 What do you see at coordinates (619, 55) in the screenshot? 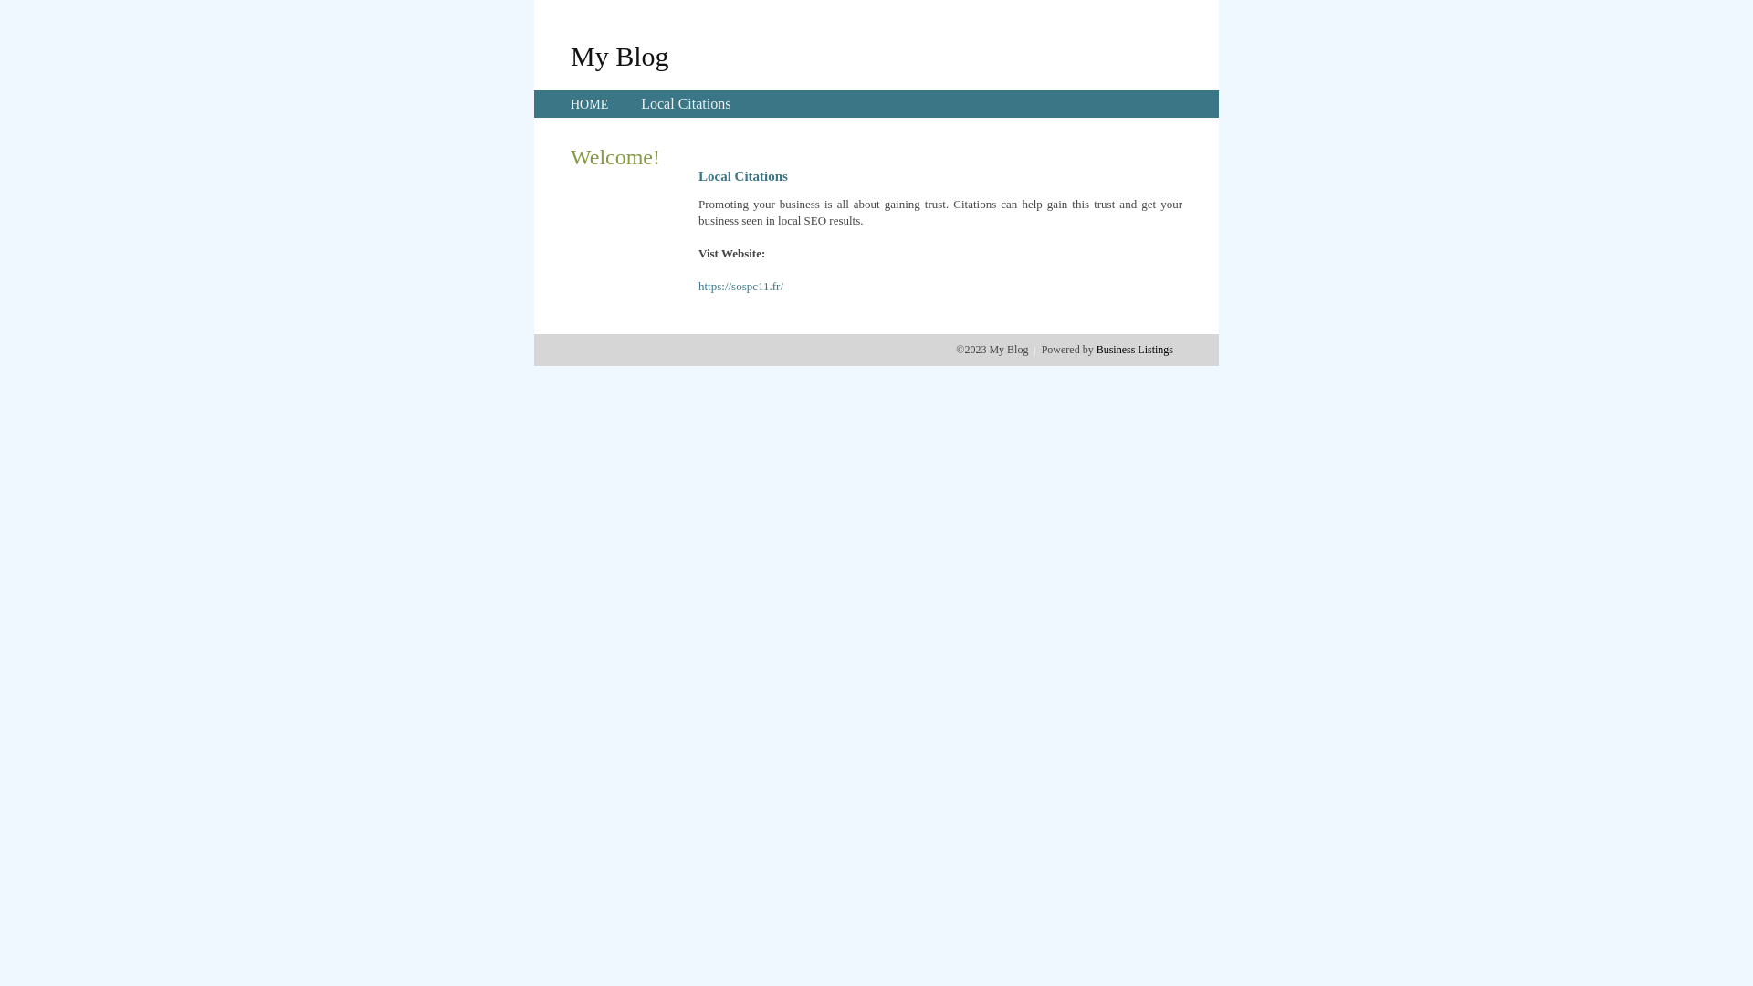
I see `'My Blog'` at bounding box center [619, 55].